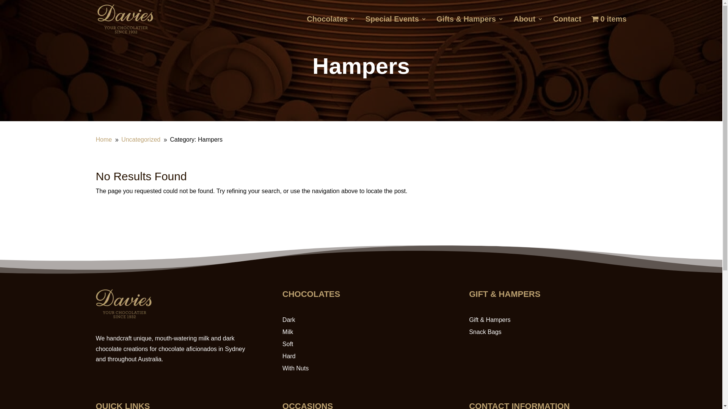  What do you see at coordinates (490, 320) in the screenshot?
I see `'Gift & Hampers'` at bounding box center [490, 320].